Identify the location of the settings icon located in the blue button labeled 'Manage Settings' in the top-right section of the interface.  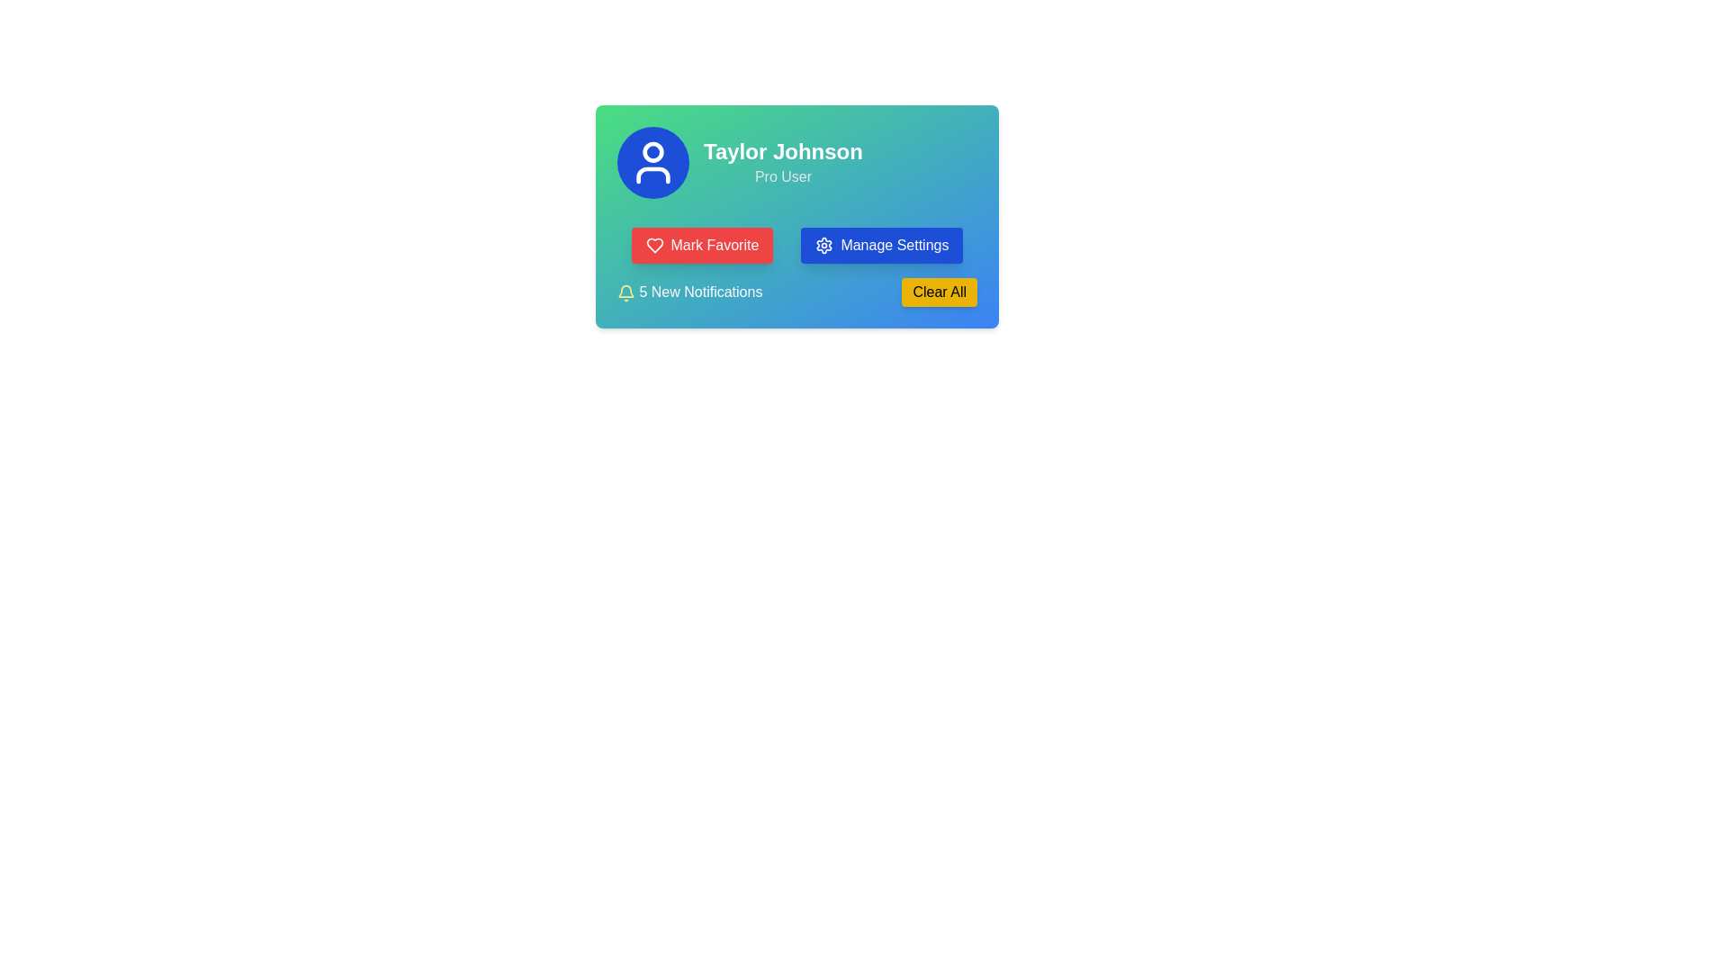
(823, 246).